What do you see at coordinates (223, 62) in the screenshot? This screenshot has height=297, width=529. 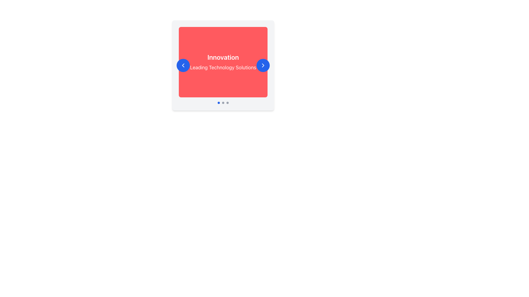 I see `the text display element that highlights 'Innovation' and 'Leading Technology Solutions'` at bounding box center [223, 62].